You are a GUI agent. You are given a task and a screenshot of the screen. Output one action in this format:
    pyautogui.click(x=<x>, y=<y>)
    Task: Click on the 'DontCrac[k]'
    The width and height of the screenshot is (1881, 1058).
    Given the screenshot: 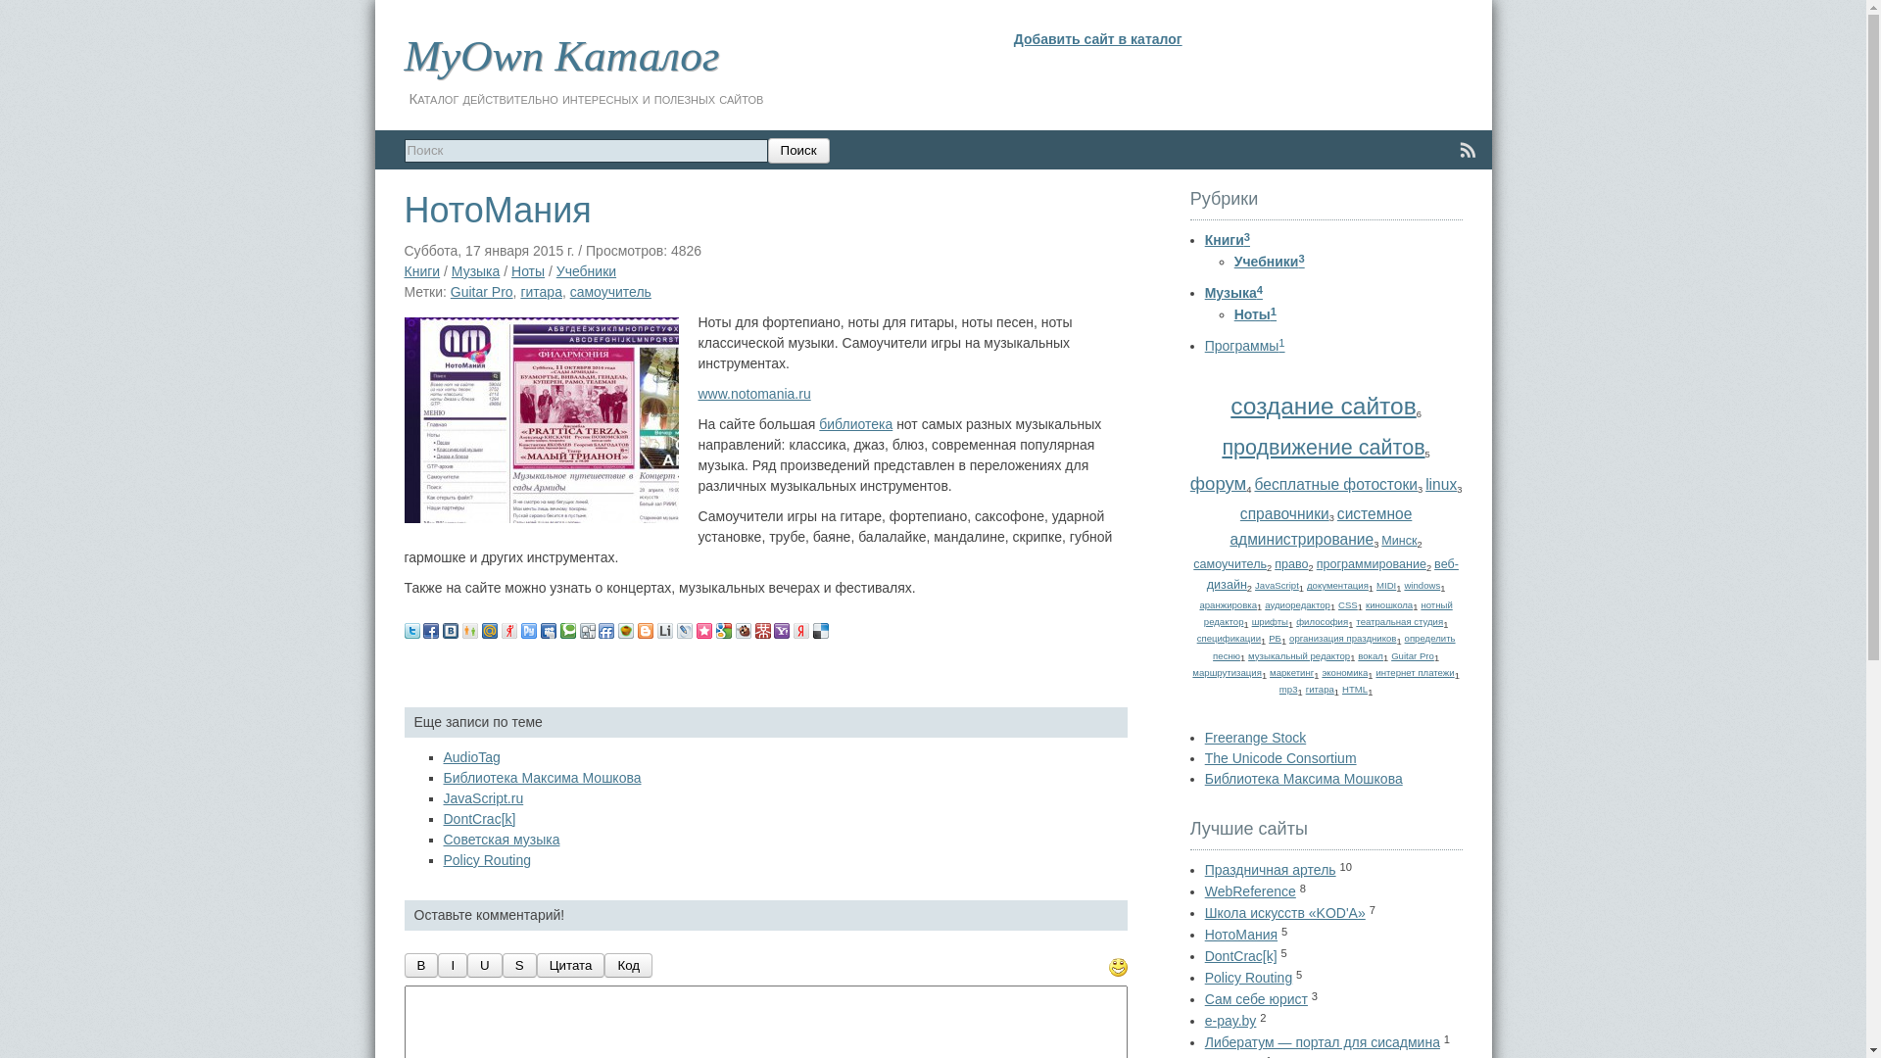 What is the action you would take?
    pyautogui.click(x=479, y=819)
    